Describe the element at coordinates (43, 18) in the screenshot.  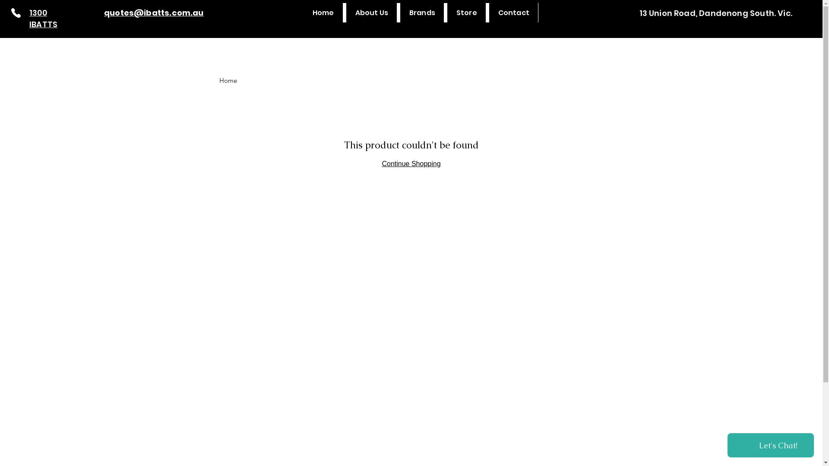
I see `'1300 IBATTS'` at that location.